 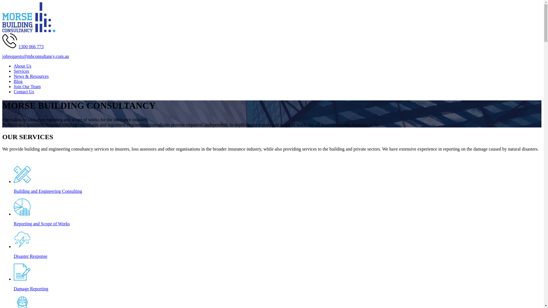 I want to click on 'Building and Engineering Consulting', so click(x=277, y=187).